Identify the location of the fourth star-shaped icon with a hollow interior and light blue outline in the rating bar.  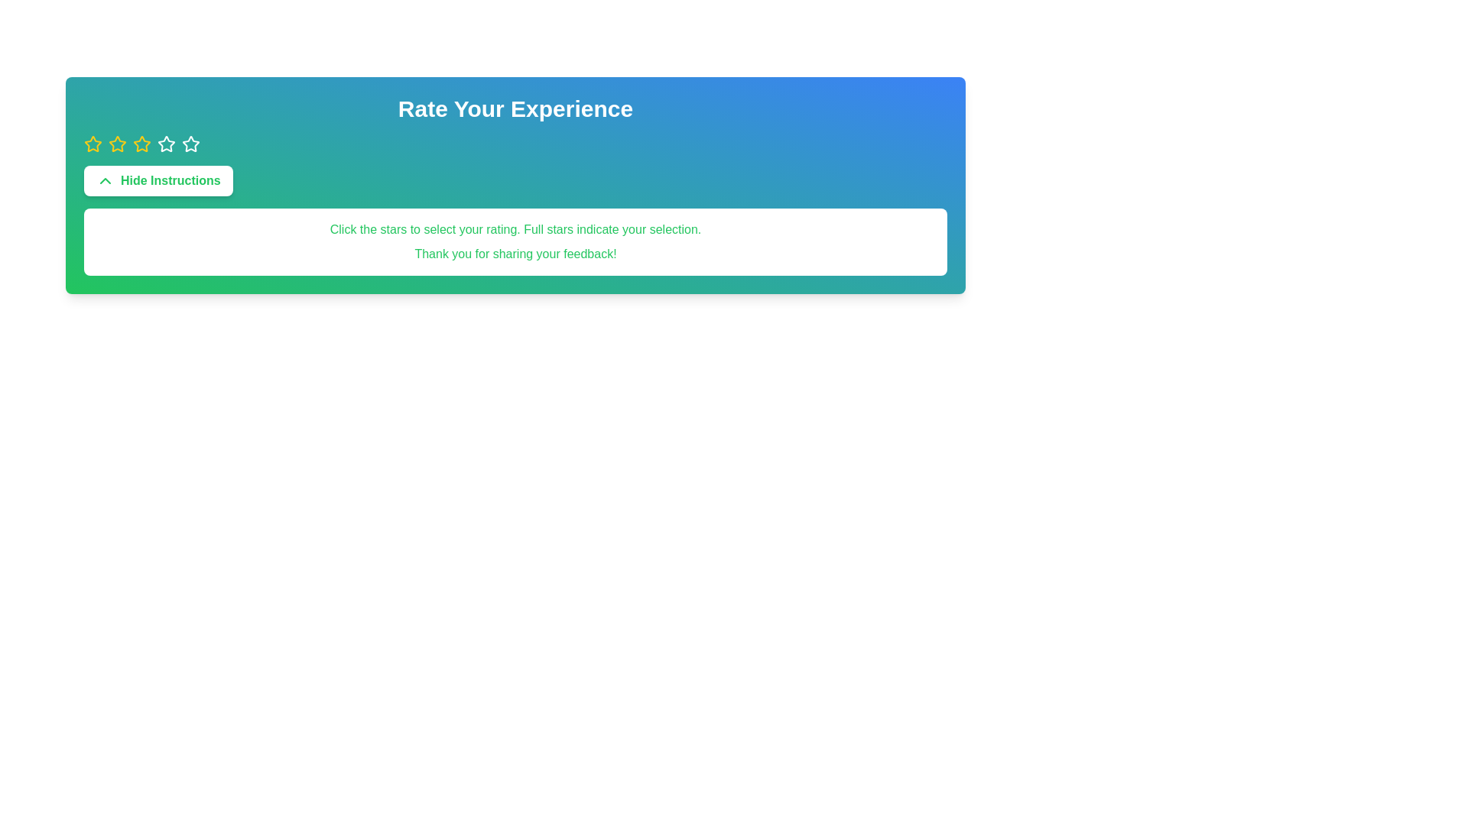
(190, 144).